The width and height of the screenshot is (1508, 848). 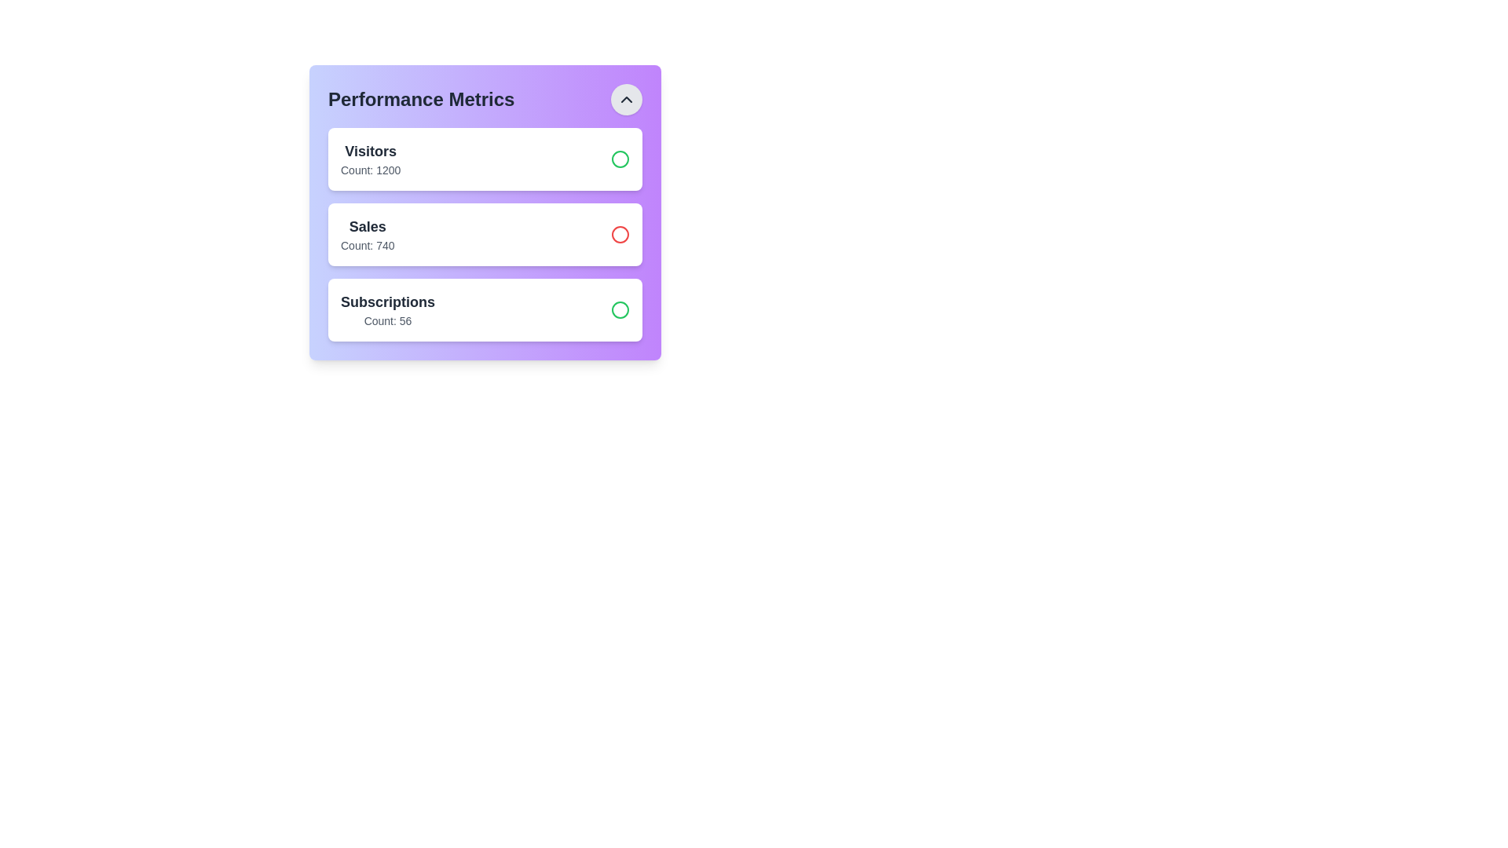 I want to click on the toggle button to expand or collapse the stats list, so click(x=625, y=100).